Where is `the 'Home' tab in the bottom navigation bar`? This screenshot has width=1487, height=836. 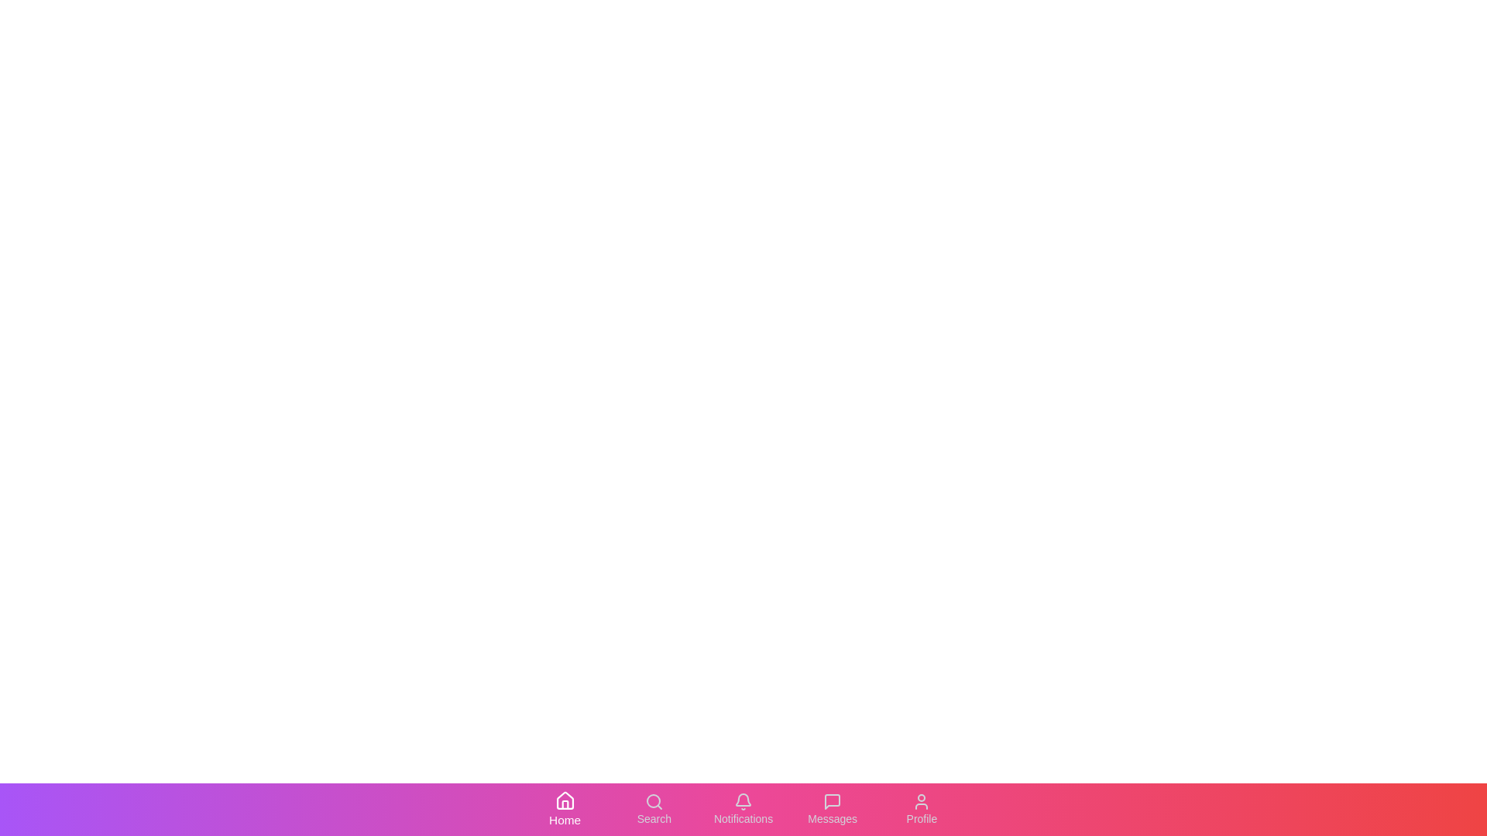
the 'Home' tab in the bottom navigation bar is located at coordinates (564, 808).